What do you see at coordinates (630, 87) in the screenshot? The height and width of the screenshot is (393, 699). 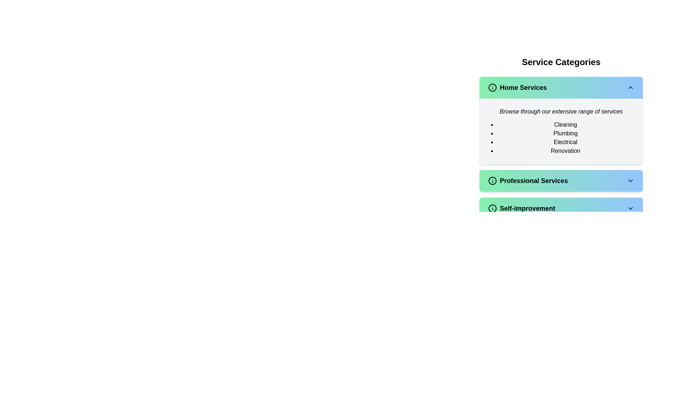 I see `the upward chevron icon located at the far right end of the 'Home Services' section` at bounding box center [630, 87].